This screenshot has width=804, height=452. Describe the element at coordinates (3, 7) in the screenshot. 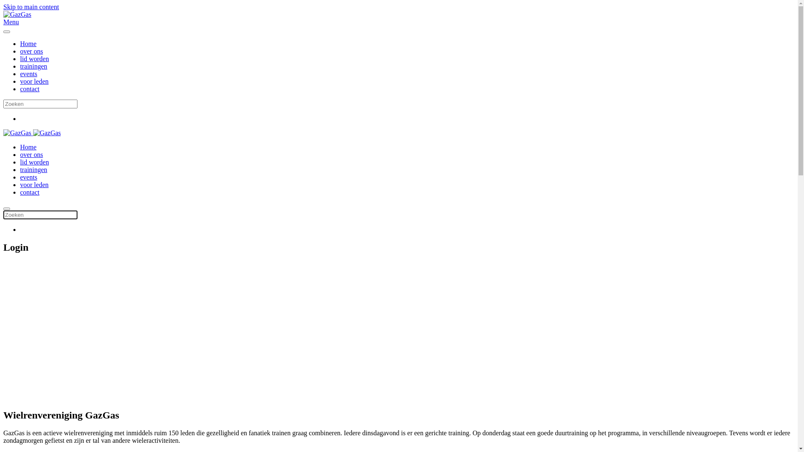

I see `'Skip to main content'` at that location.